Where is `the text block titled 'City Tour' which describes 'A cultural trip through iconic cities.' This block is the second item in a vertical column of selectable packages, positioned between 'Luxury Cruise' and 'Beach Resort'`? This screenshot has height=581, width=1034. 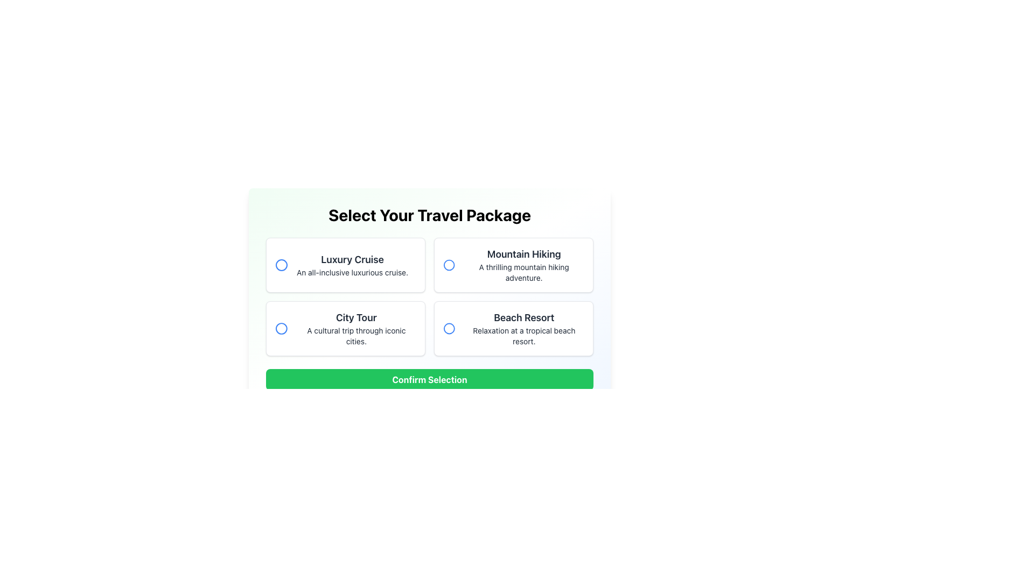 the text block titled 'City Tour' which describes 'A cultural trip through iconic cities.' This block is the second item in a vertical column of selectable packages, positioned between 'Luxury Cruise' and 'Beach Resort' is located at coordinates (356, 328).